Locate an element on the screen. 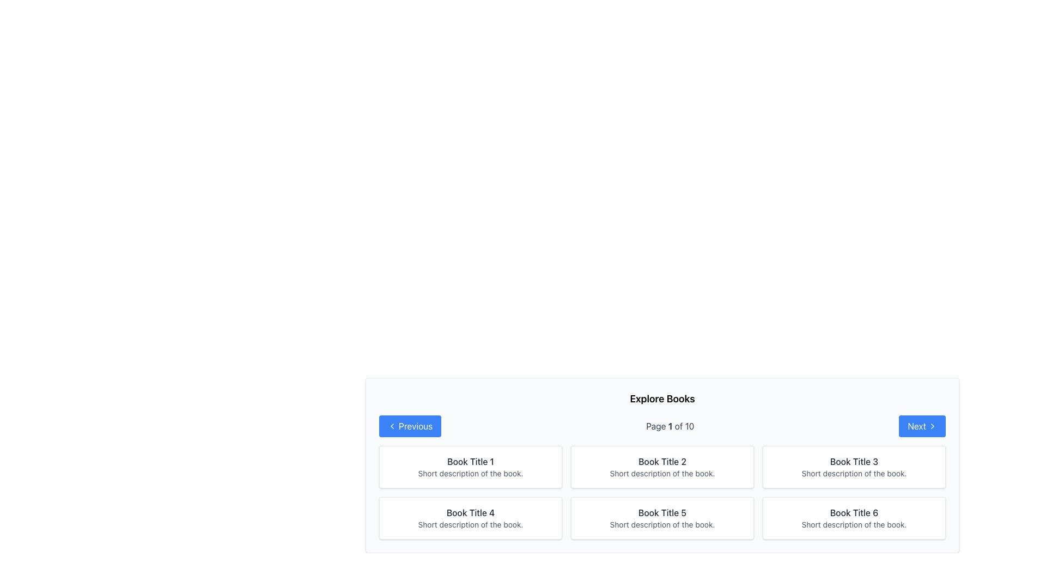  the leftward-pointing chevron icon within the 'Previous' button, which has a blue background and white text, located in the navigation area is located at coordinates (392, 426).